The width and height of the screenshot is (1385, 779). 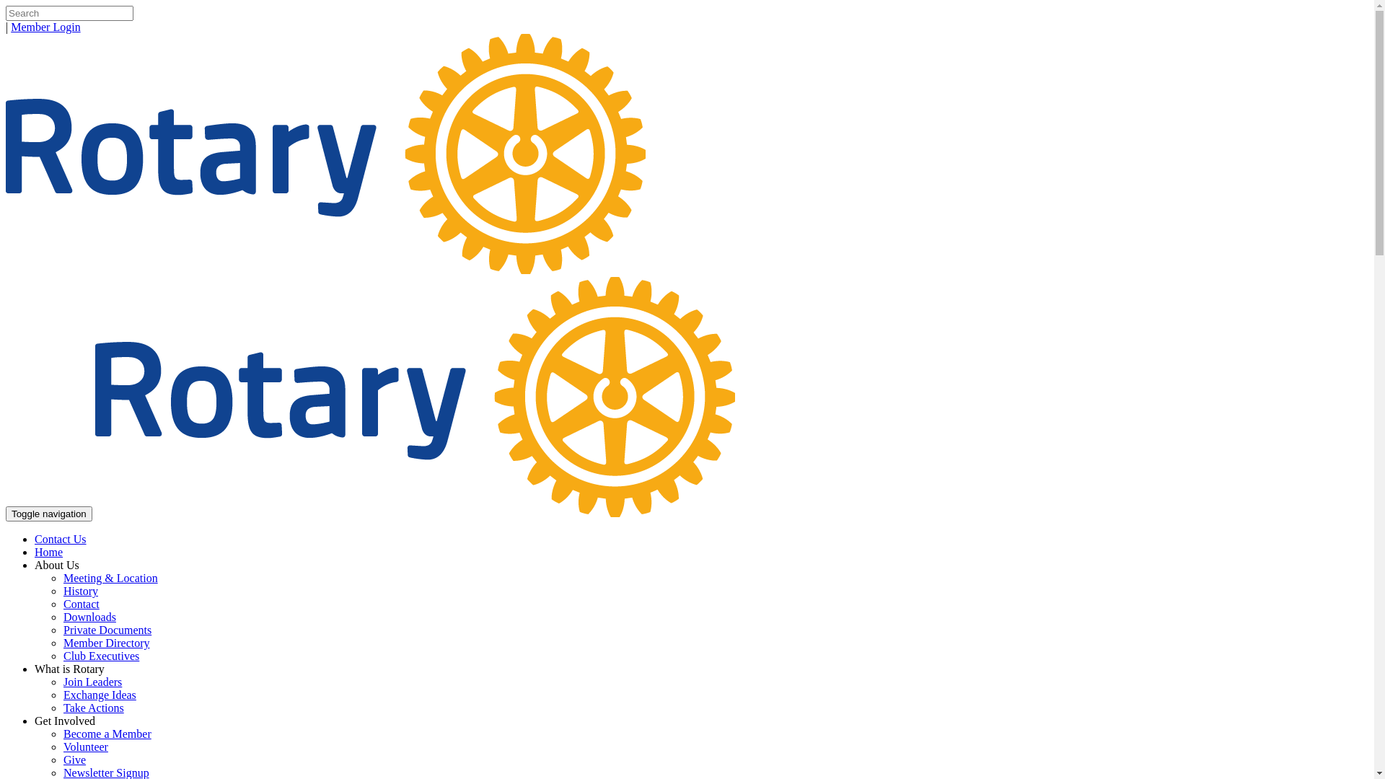 What do you see at coordinates (106, 629) in the screenshot?
I see `'Private Documents'` at bounding box center [106, 629].